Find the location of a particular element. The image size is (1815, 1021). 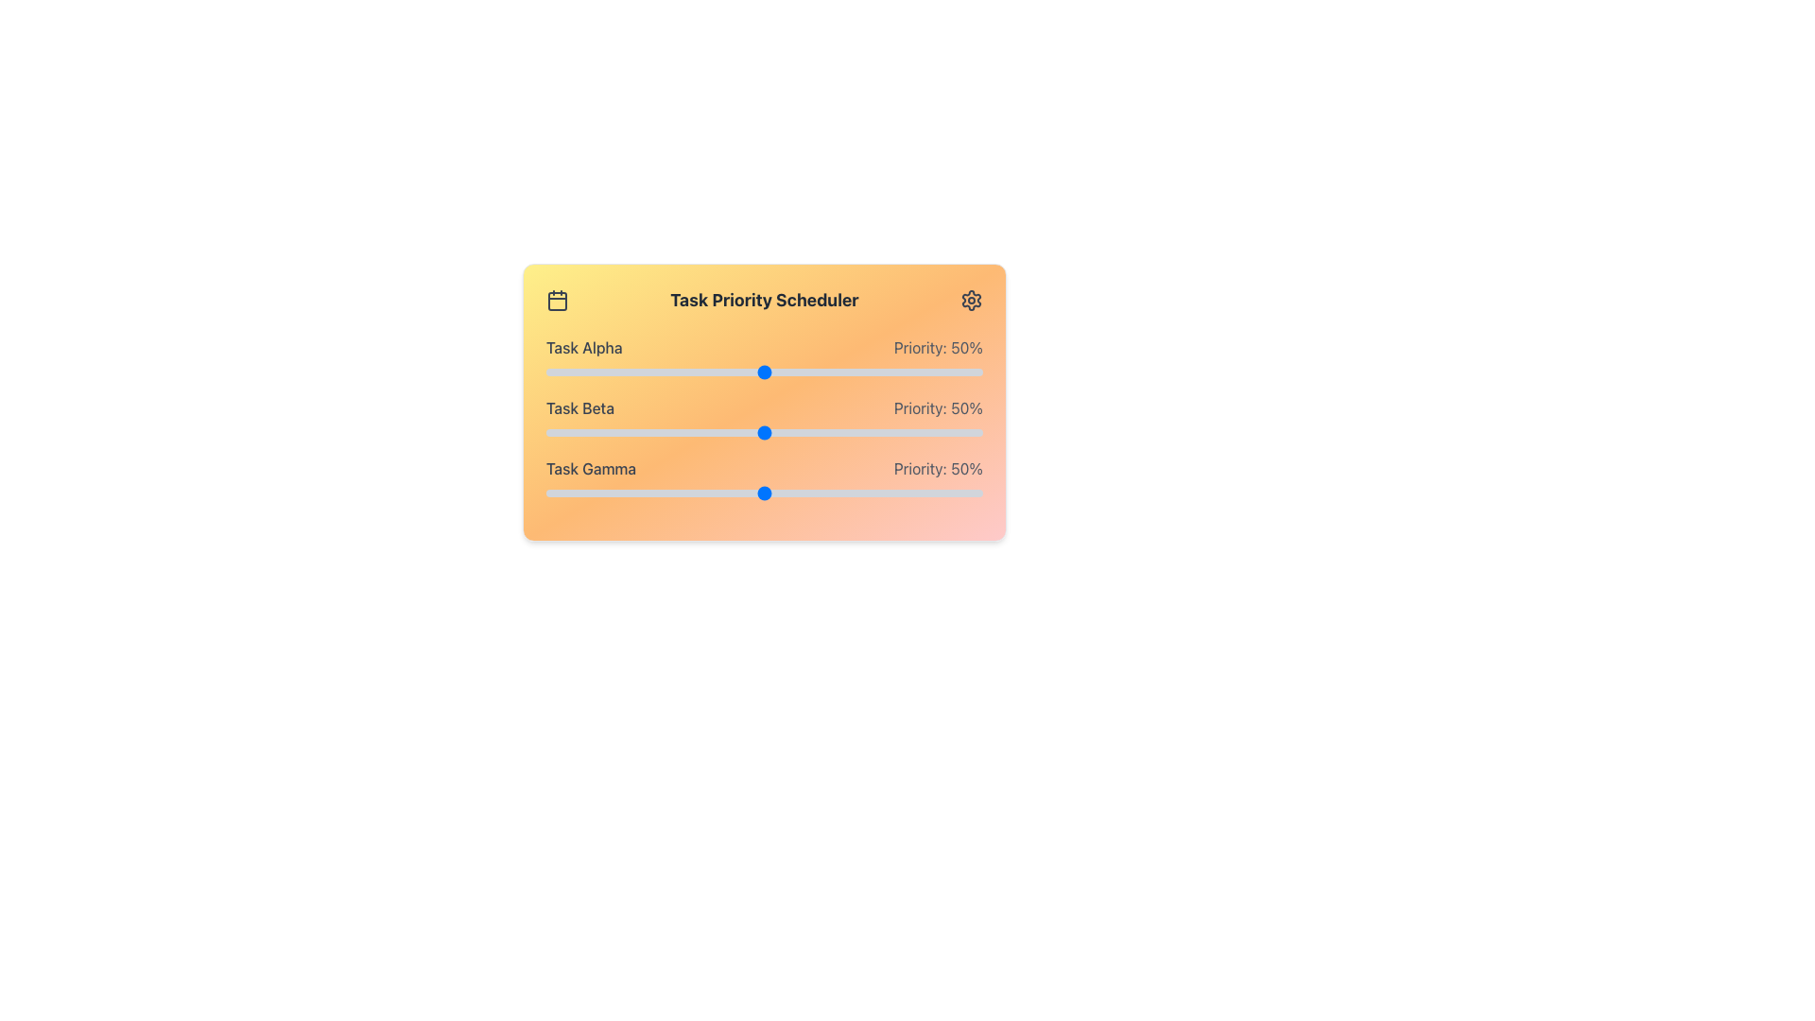

the priority value of Task Gamma is located at coordinates (925, 468).